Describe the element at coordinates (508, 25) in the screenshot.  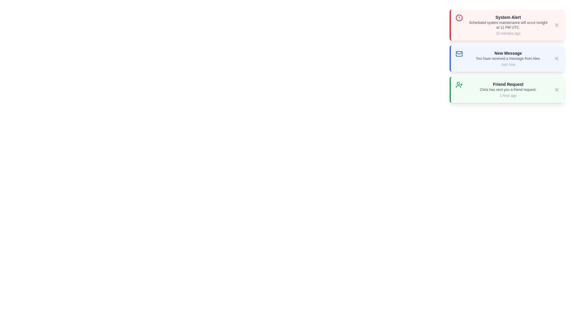
I see `the information in the first notification card, which provides a system alert message about scheduled maintenance` at that location.